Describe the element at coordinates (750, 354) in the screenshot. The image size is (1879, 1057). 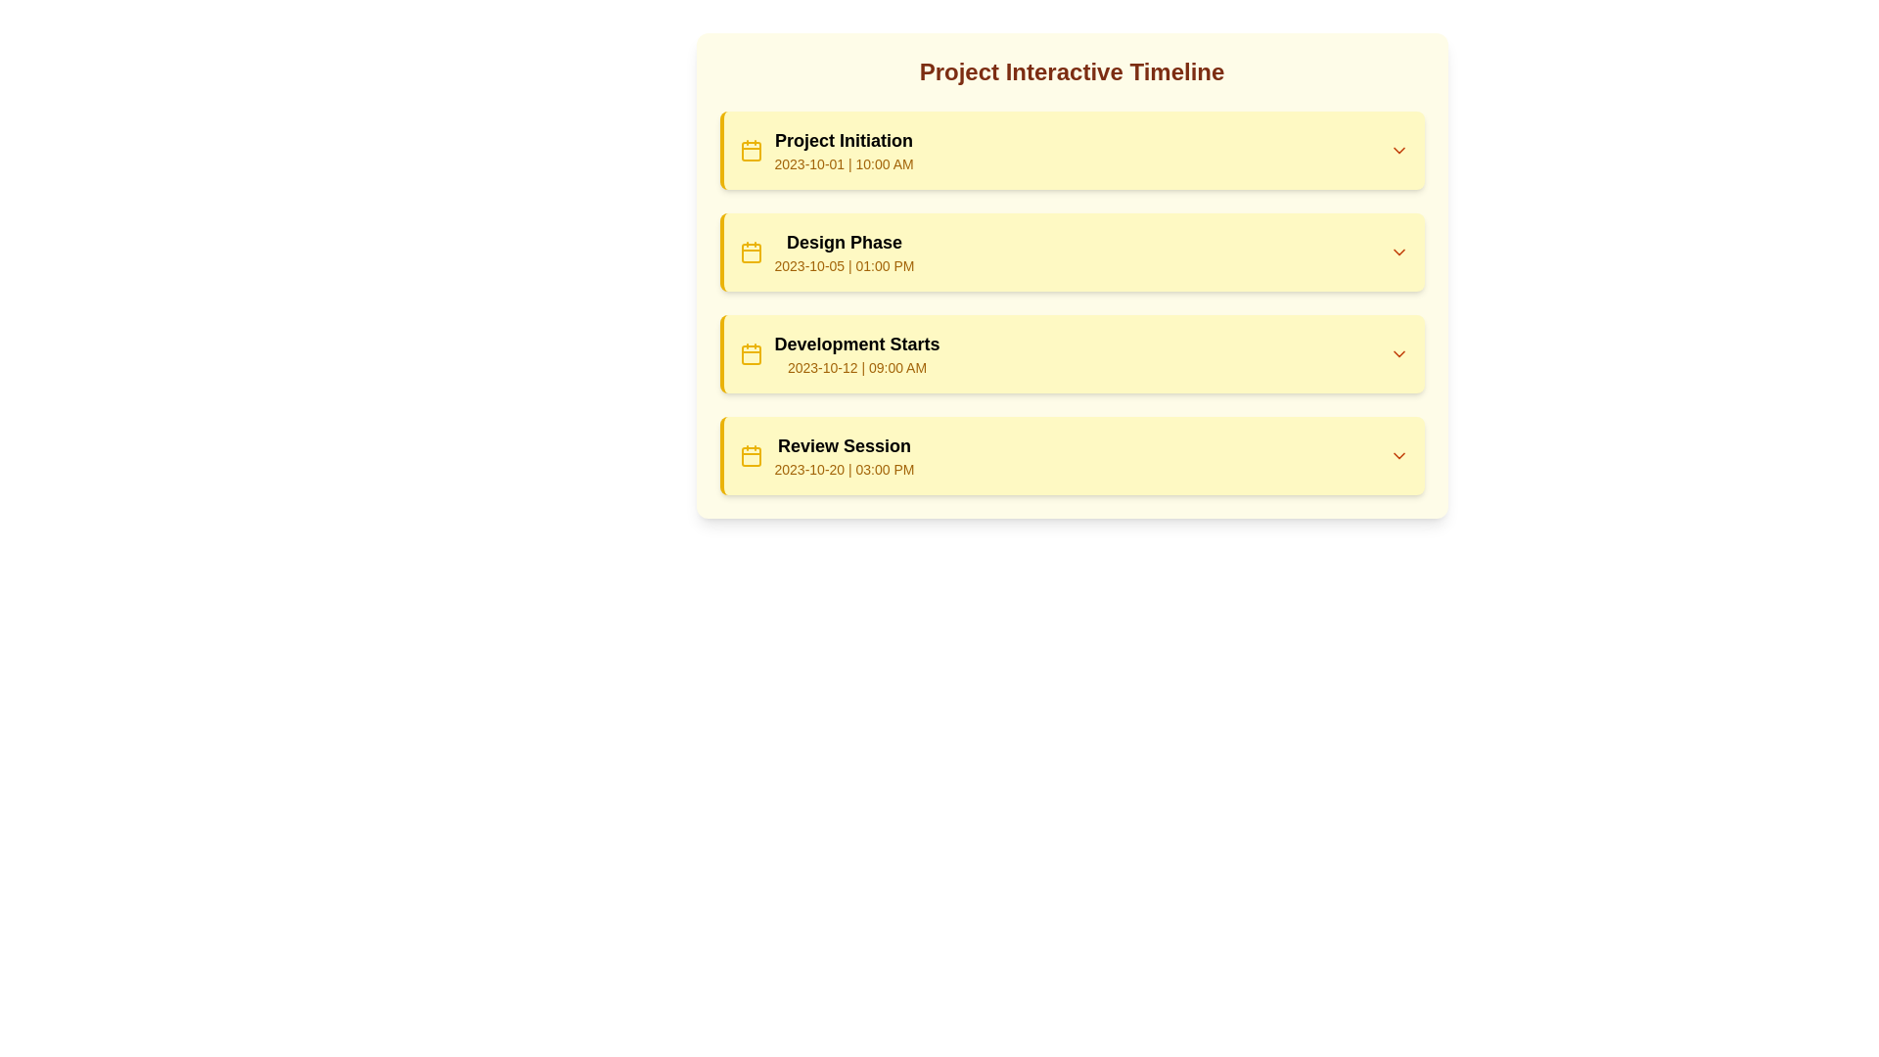
I see `the calendar icon with a yellow outline located adjacent to the text 'Development Starts' and the date '2023-10-12 | 09:00 AM' to associate it with the adjacent text` at that location.